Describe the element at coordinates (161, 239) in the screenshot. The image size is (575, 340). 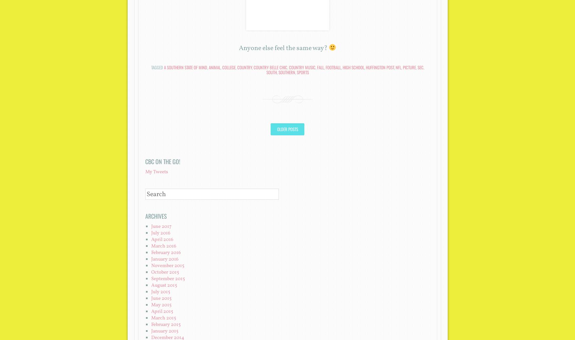
I see `'April 2016'` at that location.